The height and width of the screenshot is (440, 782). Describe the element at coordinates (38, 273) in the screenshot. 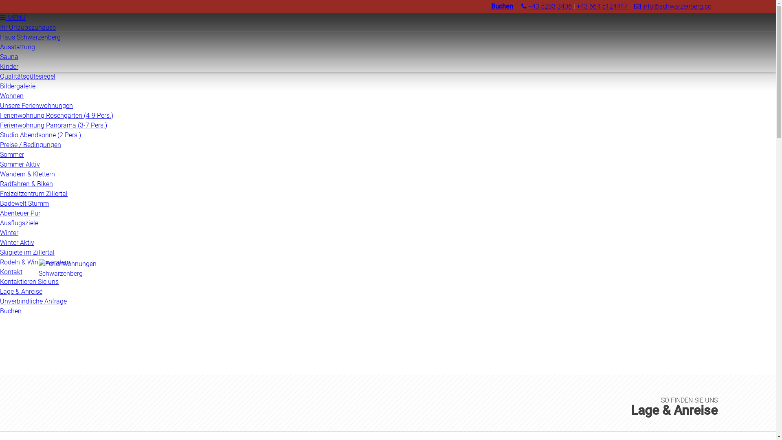

I see `'Ferienwohnungen Schwarzenberg'` at that location.